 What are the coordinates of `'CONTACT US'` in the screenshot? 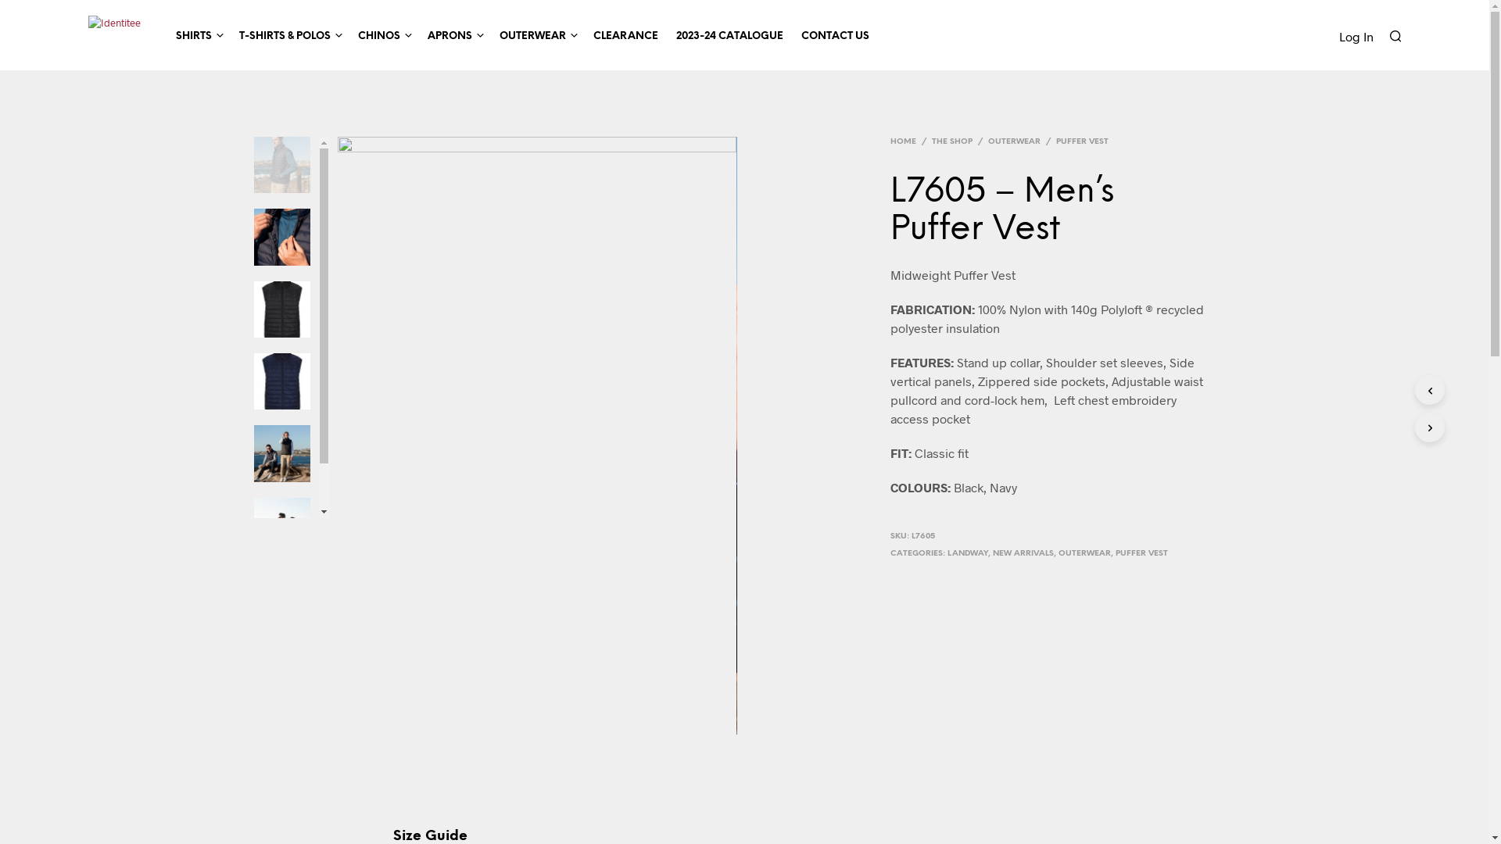 It's located at (833, 35).